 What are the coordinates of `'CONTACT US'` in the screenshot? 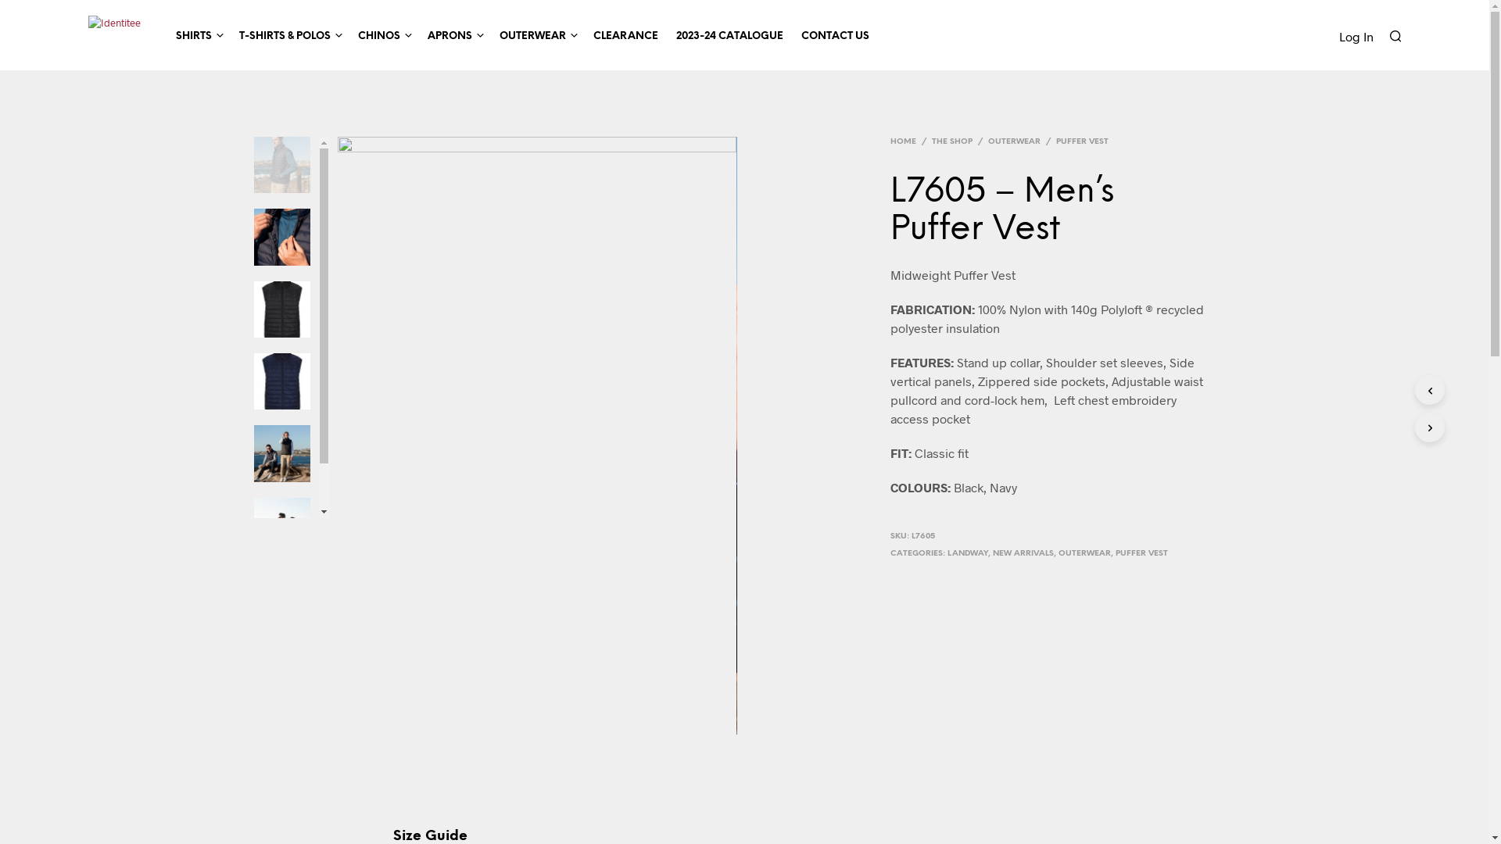 It's located at (833, 35).